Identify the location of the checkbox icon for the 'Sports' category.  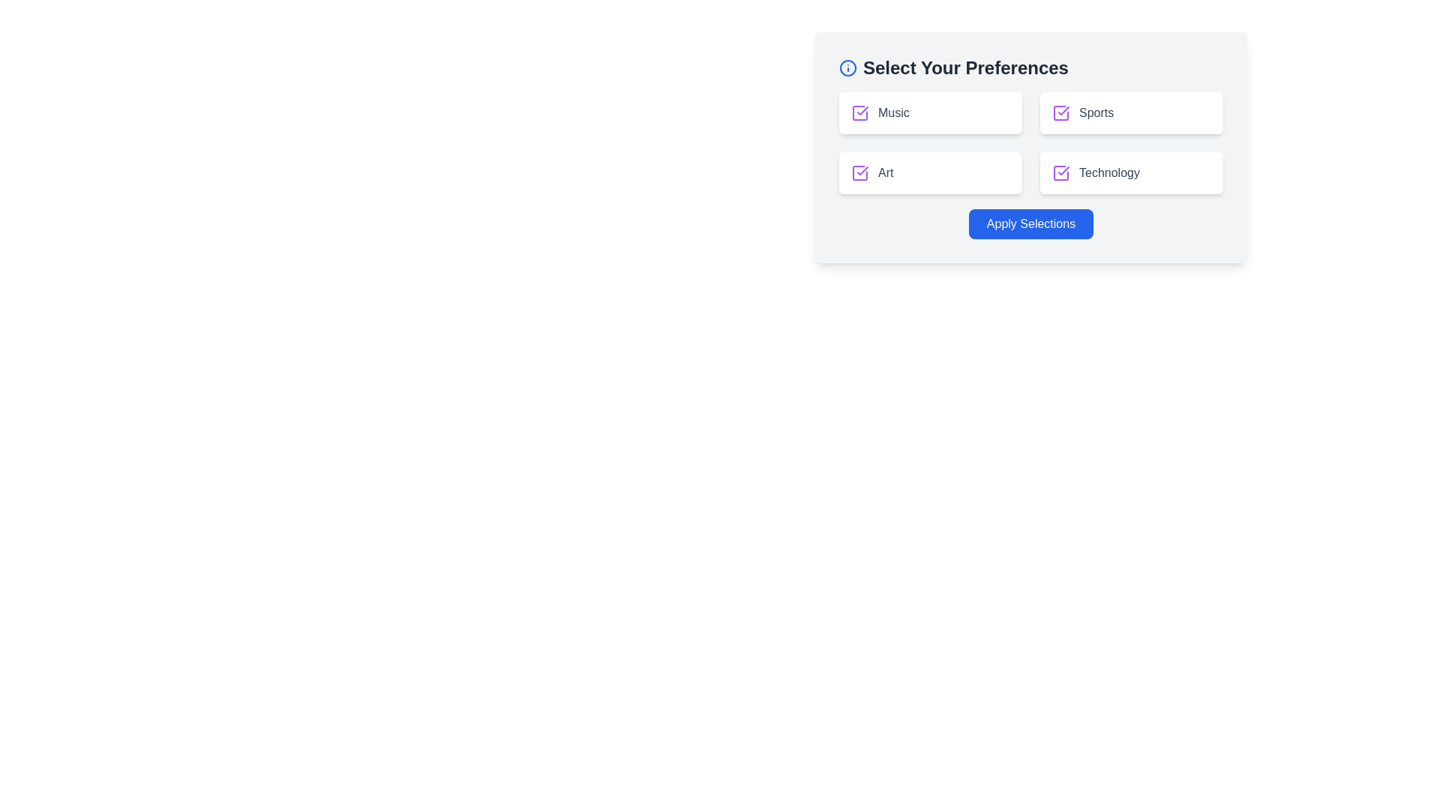
(1060, 112).